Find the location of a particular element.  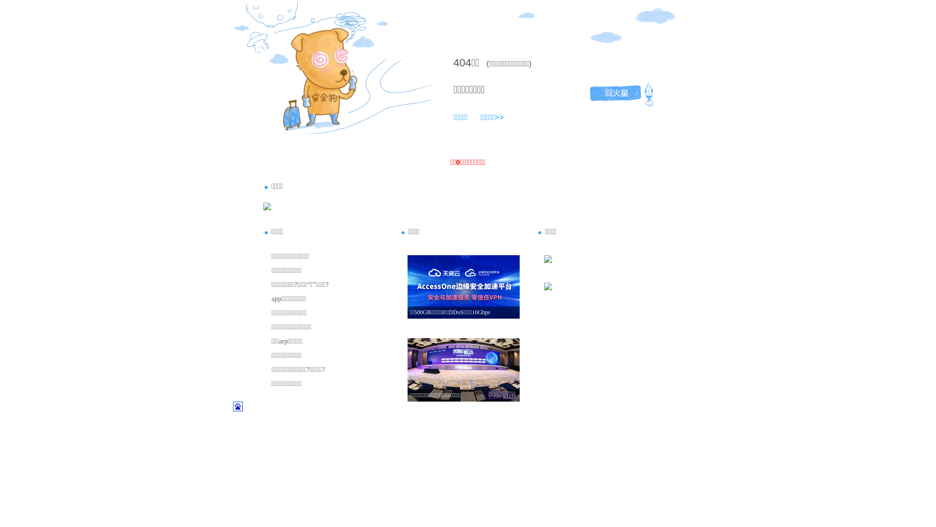

'404' is located at coordinates (462, 62).